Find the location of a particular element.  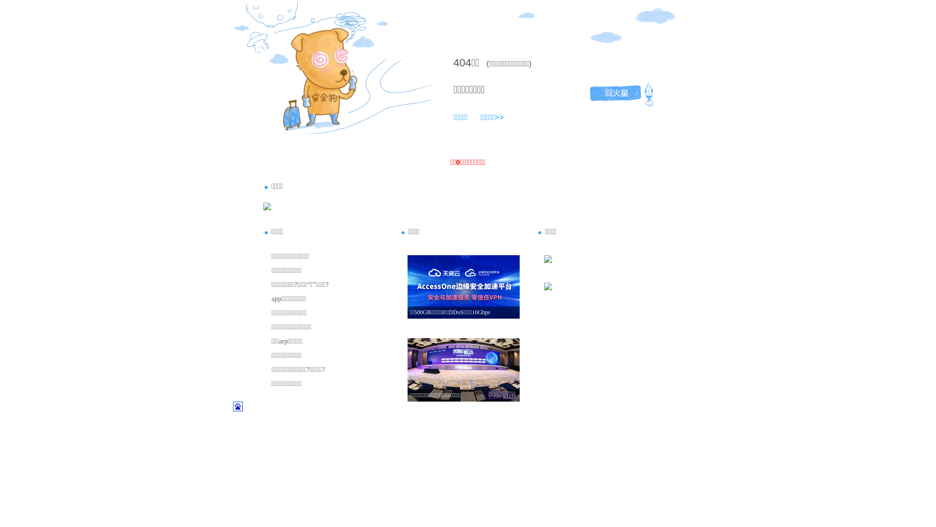

'404' is located at coordinates (462, 62).